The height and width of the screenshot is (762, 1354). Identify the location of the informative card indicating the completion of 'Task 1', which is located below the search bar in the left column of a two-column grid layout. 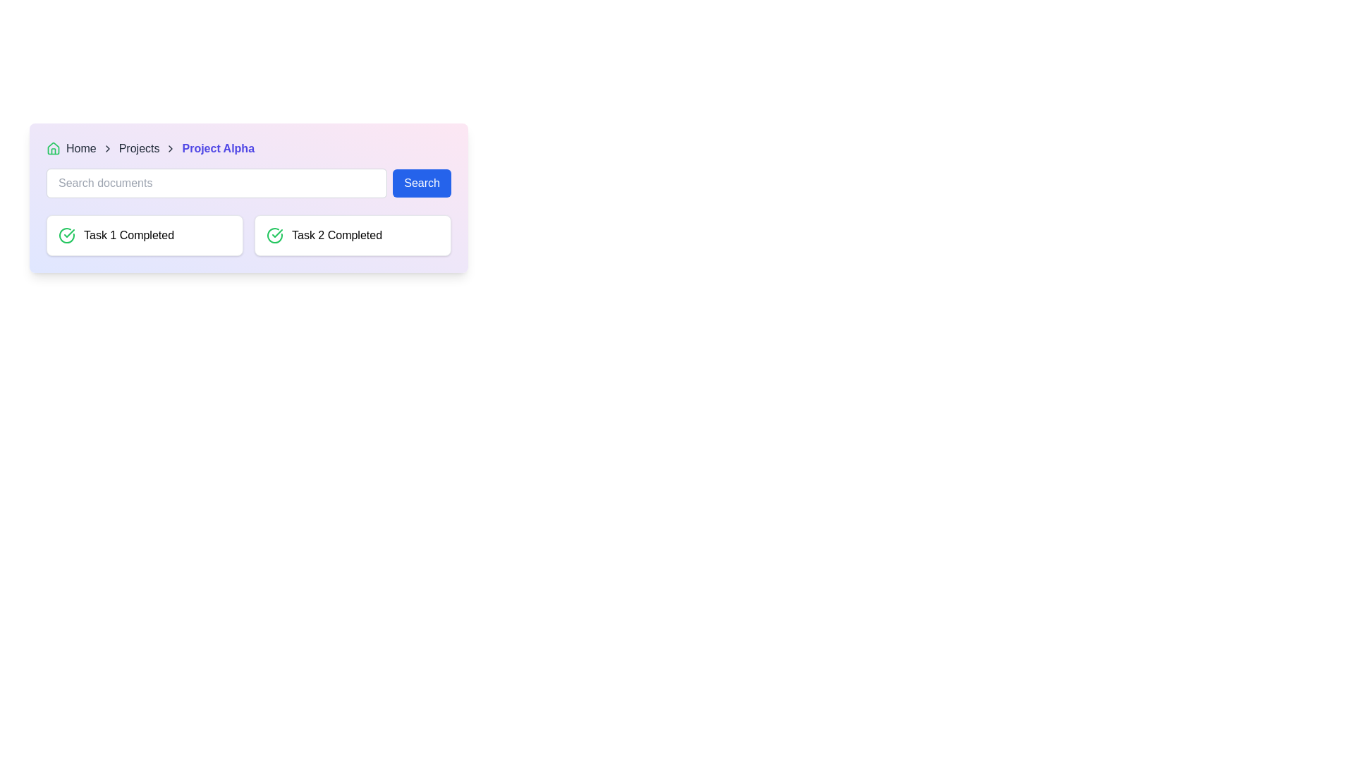
(145, 235).